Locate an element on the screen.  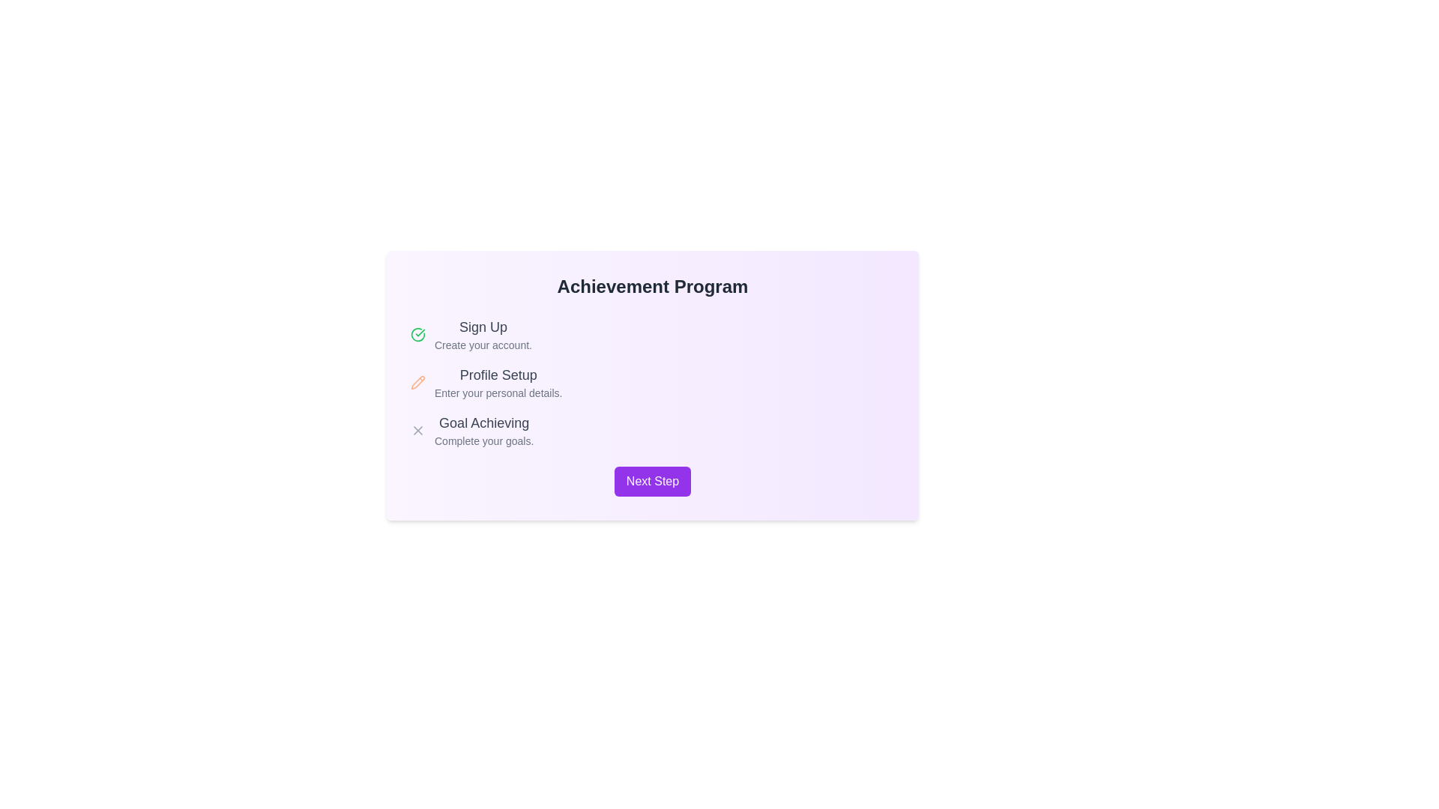
the error indicator icon for the 'Goal Achieving' step in the 'Achievement Program' list is located at coordinates (417, 430).